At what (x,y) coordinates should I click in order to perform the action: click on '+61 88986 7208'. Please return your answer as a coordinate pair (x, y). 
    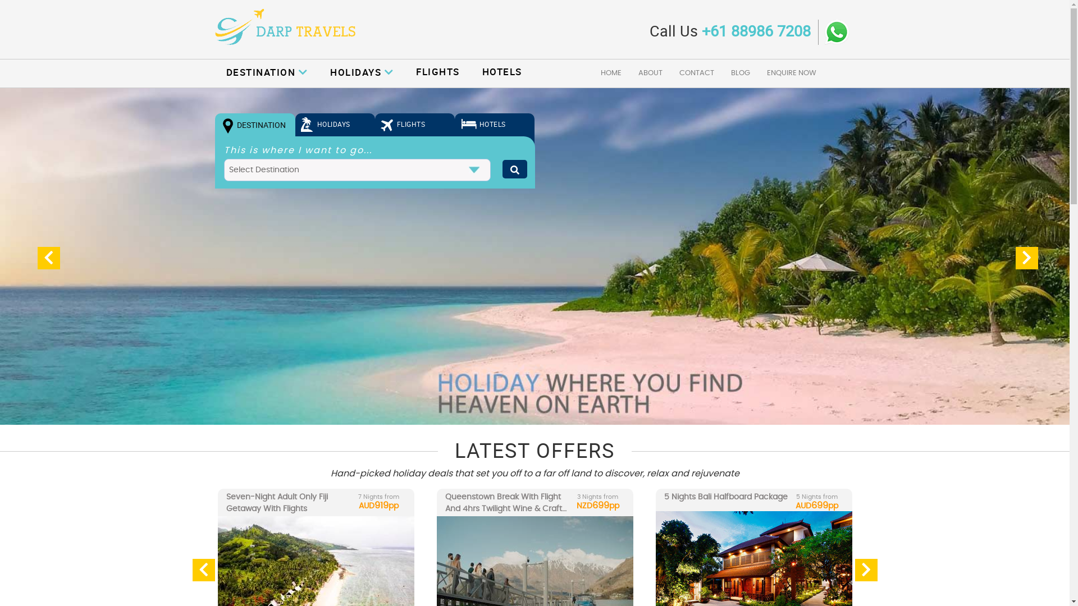
    Looking at the image, I should click on (756, 30).